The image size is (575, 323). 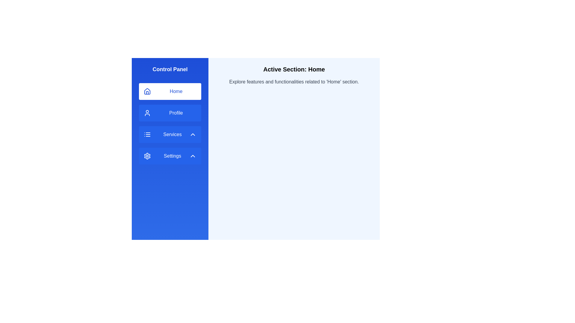 What do you see at coordinates (147, 135) in the screenshot?
I see `the 'Services' button in the vertical sidebar menu, which includes an icon representing the 'Services' option` at bounding box center [147, 135].